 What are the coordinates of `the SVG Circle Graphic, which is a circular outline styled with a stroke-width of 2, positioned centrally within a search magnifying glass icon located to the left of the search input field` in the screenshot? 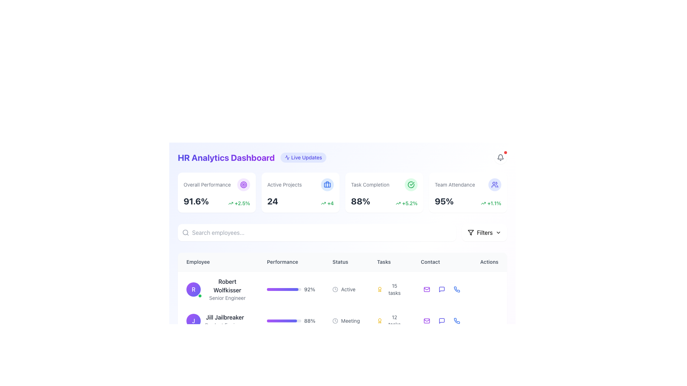 It's located at (185, 232).